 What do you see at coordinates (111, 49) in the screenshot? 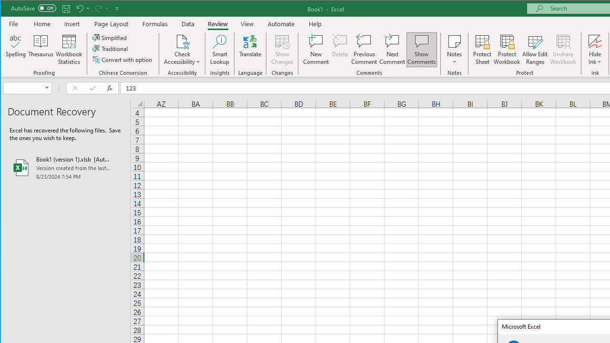
I see `'Traditional'` at bounding box center [111, 49].